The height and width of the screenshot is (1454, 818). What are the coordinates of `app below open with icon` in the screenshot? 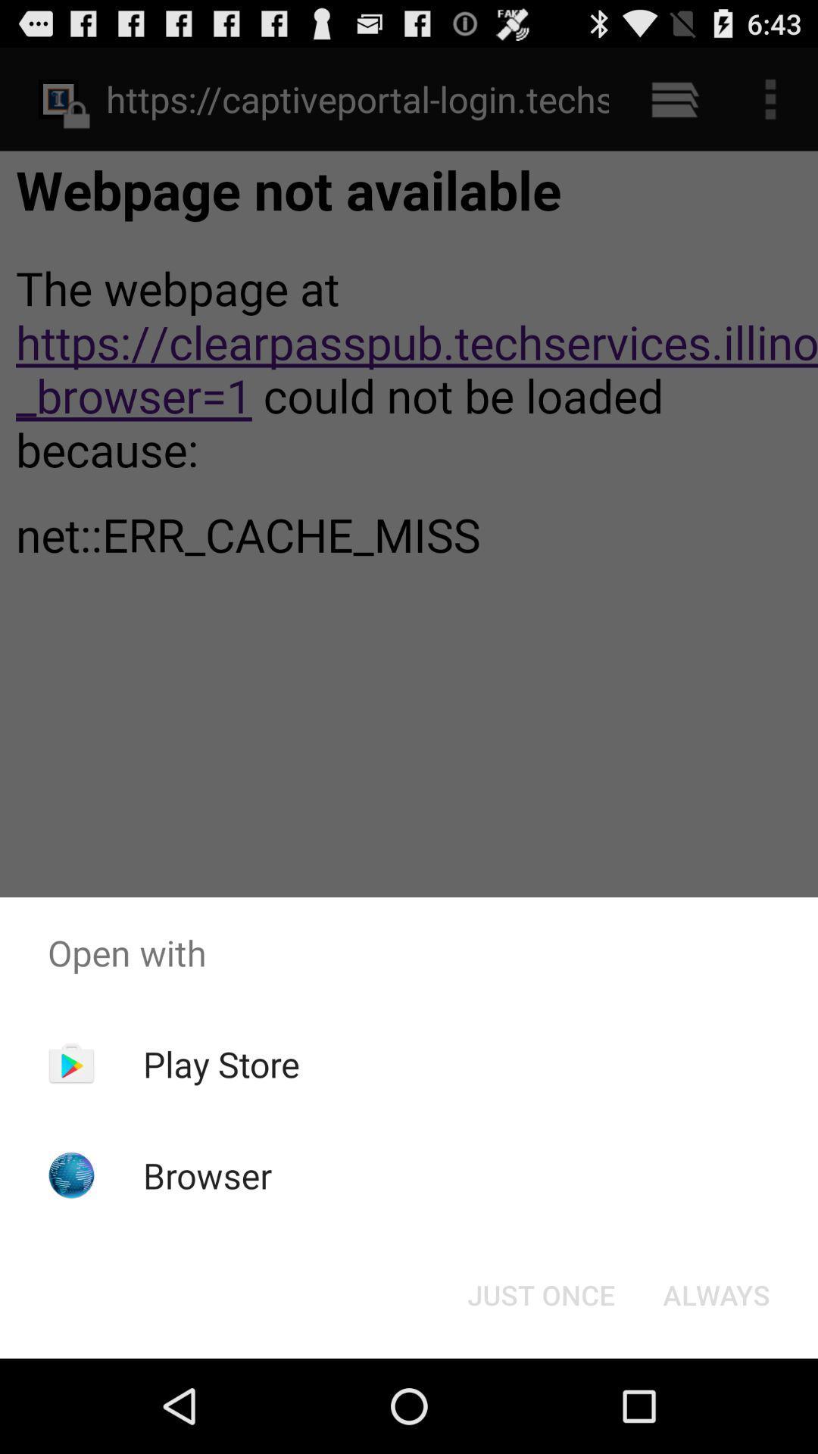 It's located at (716, 1293).